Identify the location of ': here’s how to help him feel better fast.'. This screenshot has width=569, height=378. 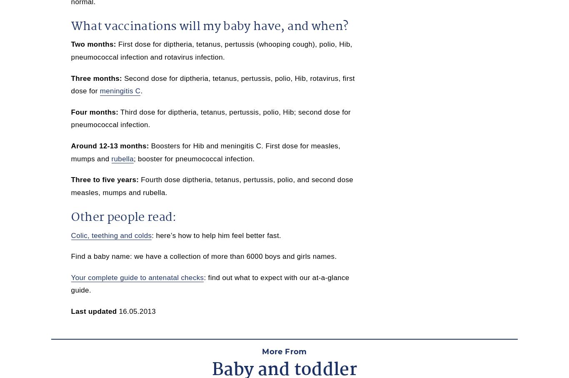
(216, 235).